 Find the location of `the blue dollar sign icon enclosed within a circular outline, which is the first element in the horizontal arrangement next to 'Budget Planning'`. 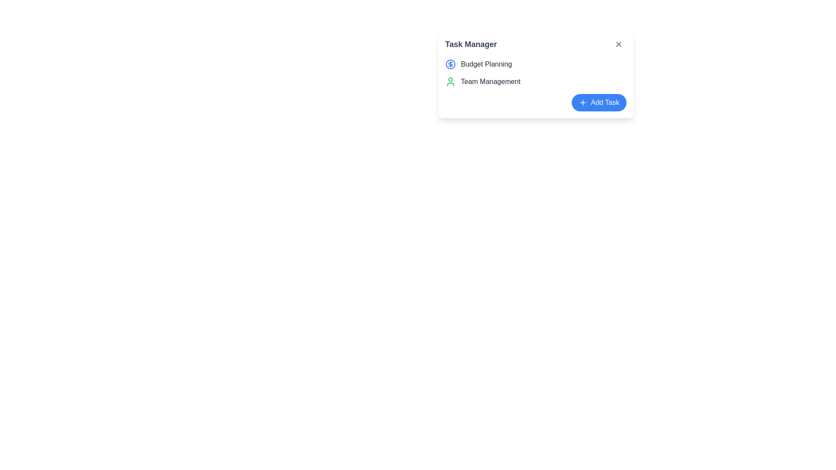

the blue dollar sign icon enclosed within a circular outline, which is the first element in the horizontal arrangement next to 'Budget Planning' is located at coordinates (450, 64).